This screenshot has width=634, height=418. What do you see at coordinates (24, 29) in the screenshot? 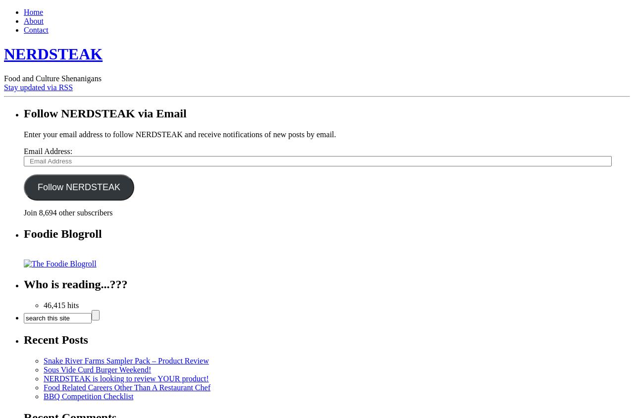
I see `'Contact'` at bounding box center [24, 29].